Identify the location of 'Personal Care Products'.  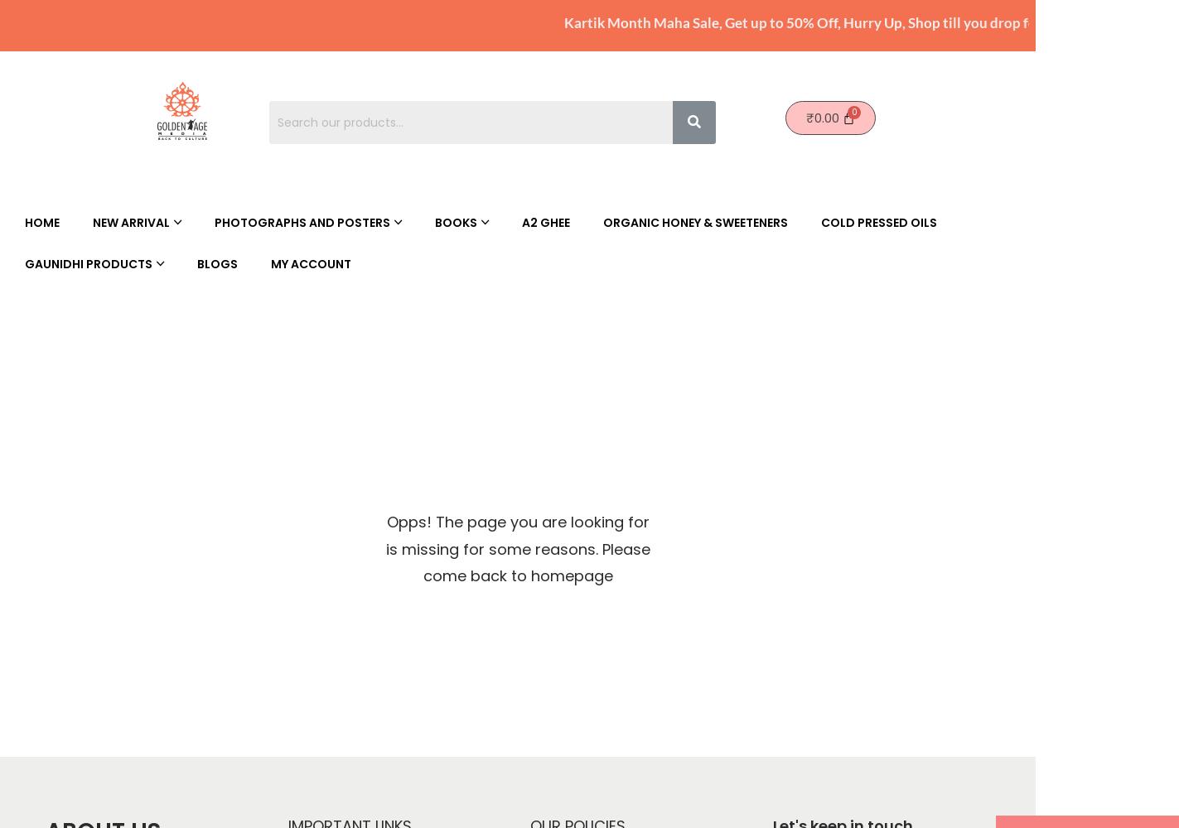
(92, 639).